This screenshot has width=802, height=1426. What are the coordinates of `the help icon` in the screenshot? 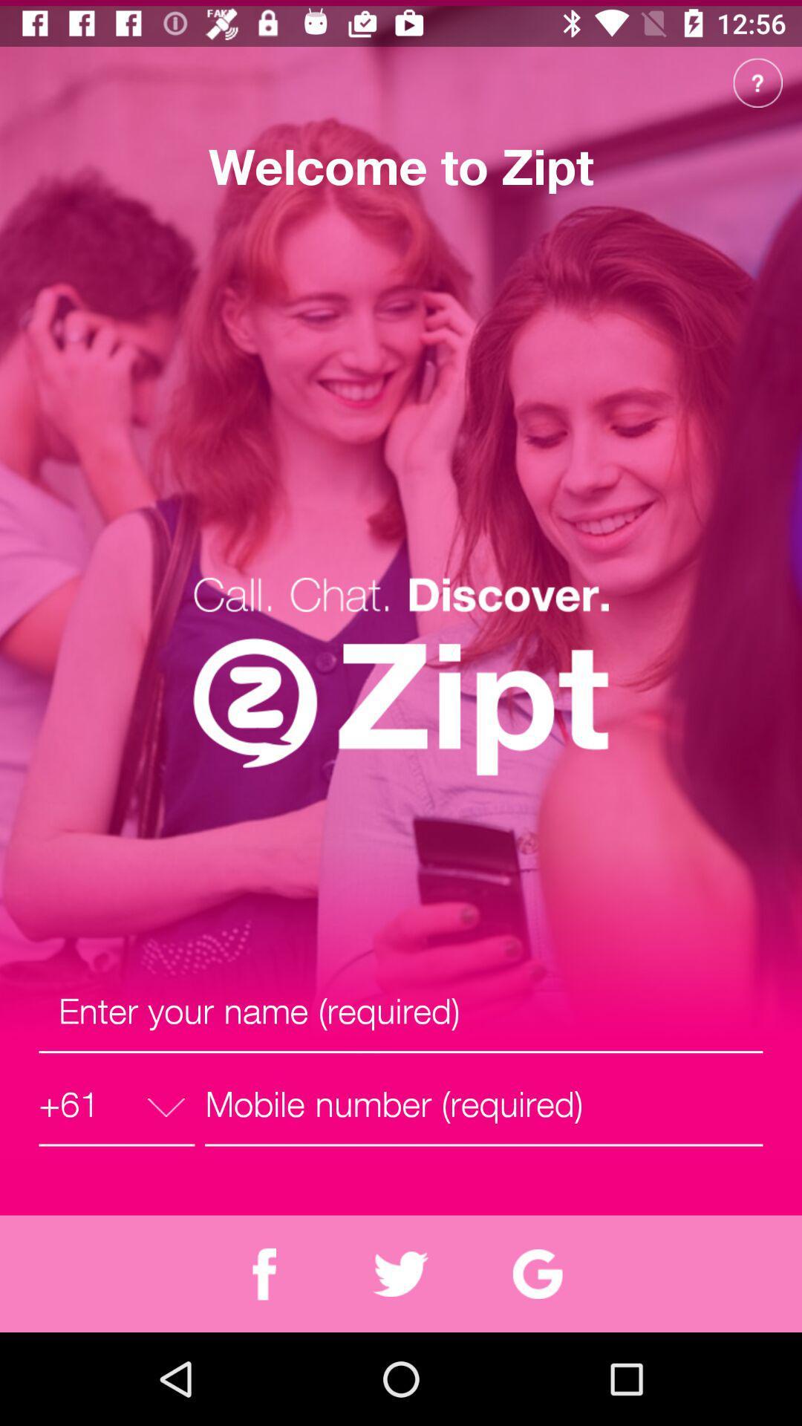 It's located at (757, 82).